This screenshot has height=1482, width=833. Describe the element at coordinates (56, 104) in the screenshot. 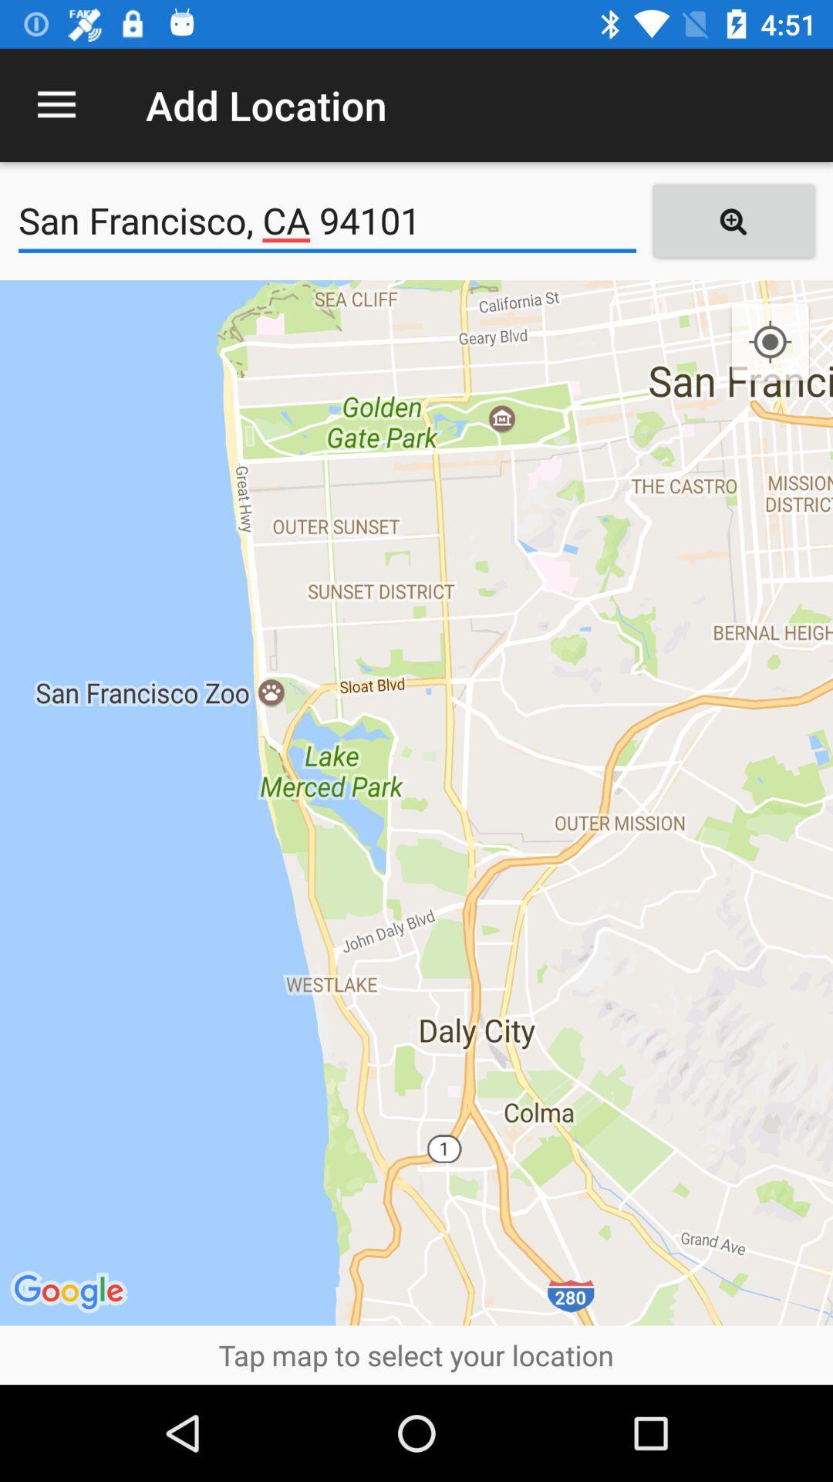

I see `the item above san francisco ca icon` at that location.